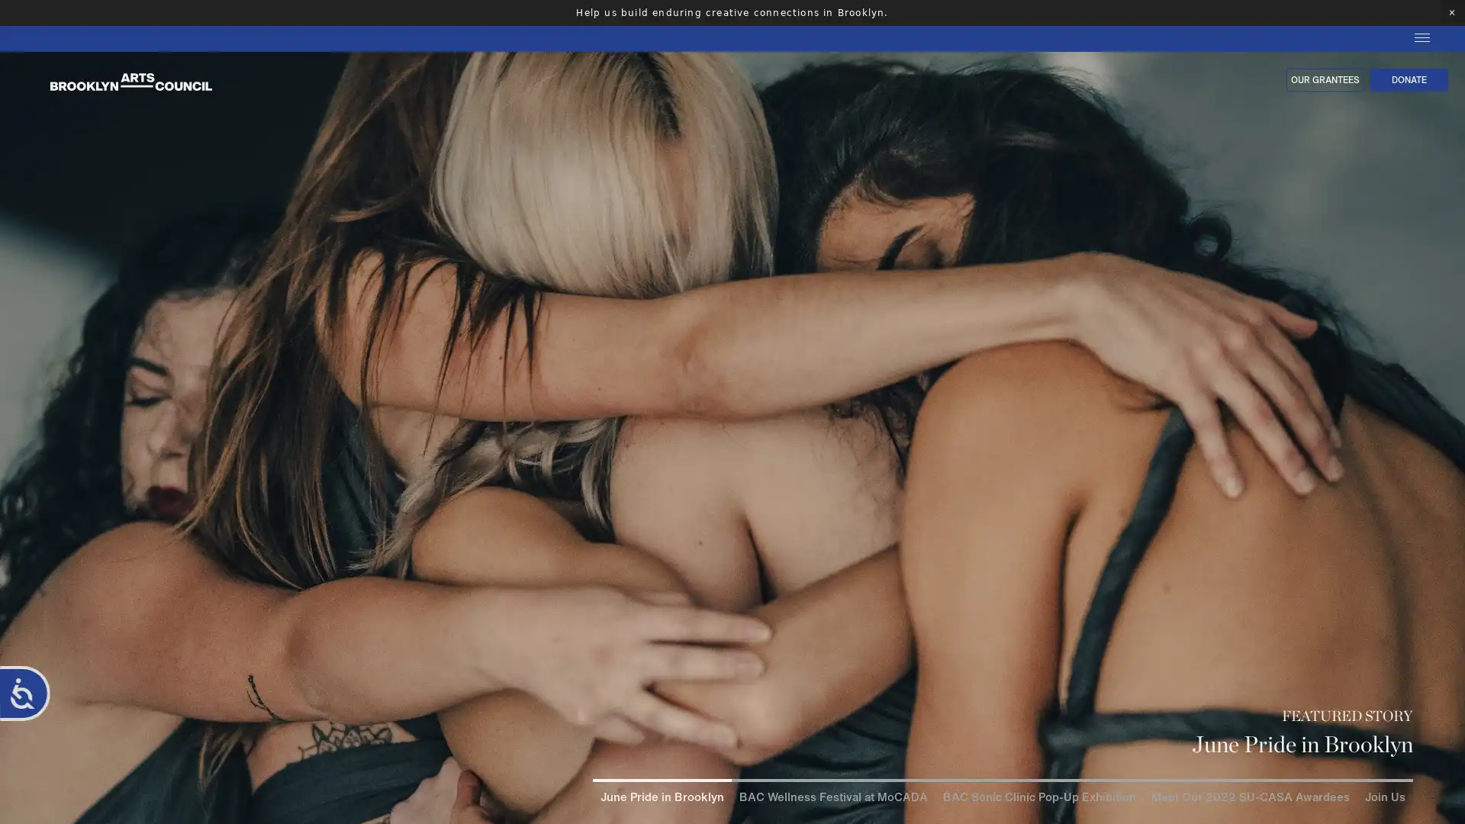 This screenshot has height=824, width=1465. I want to click on Close, so click(1449, 675).